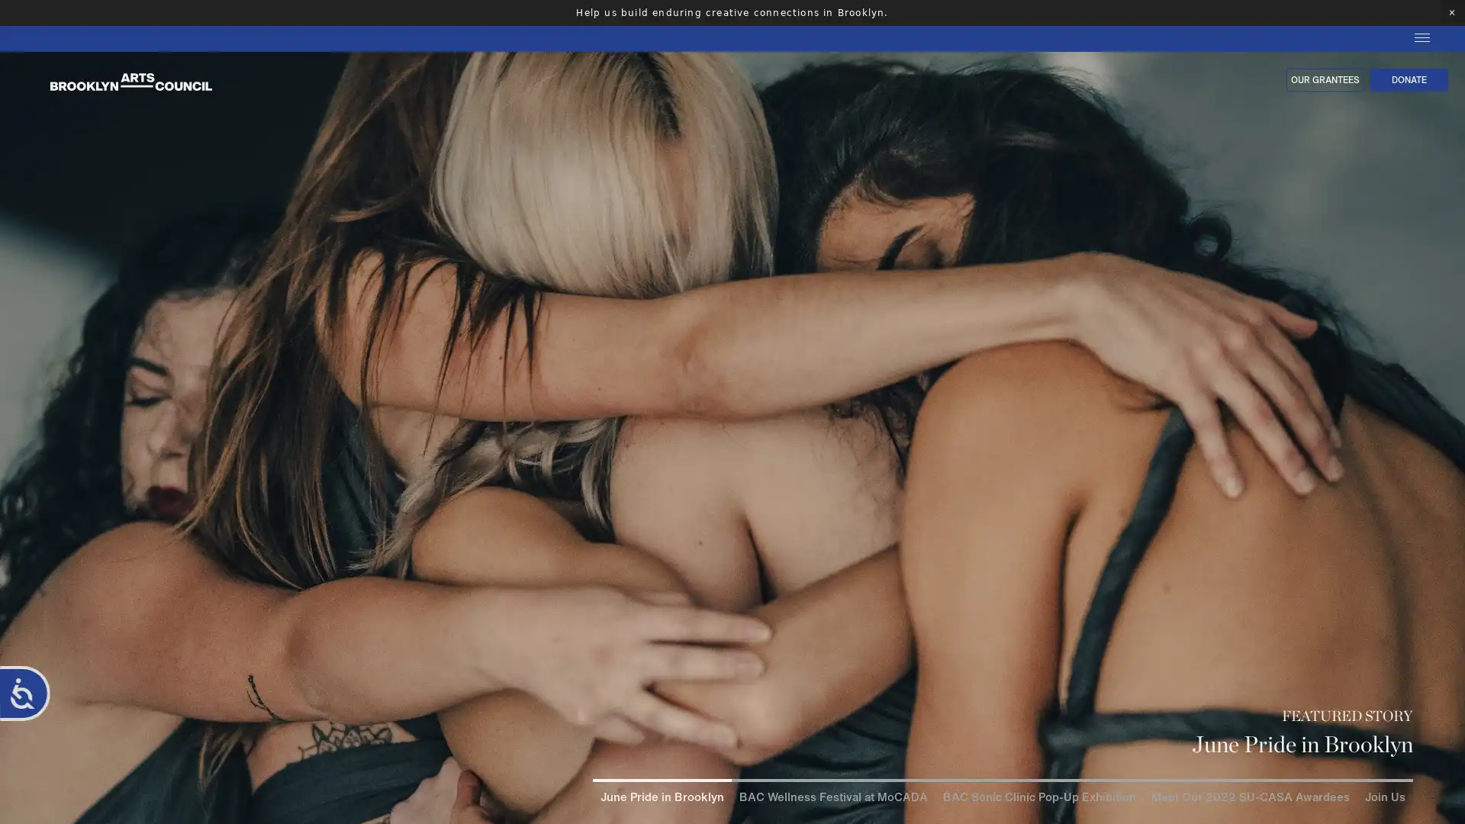 This screenshot has height=824, width=1465. I want to click on Close, so click(1449, 675).